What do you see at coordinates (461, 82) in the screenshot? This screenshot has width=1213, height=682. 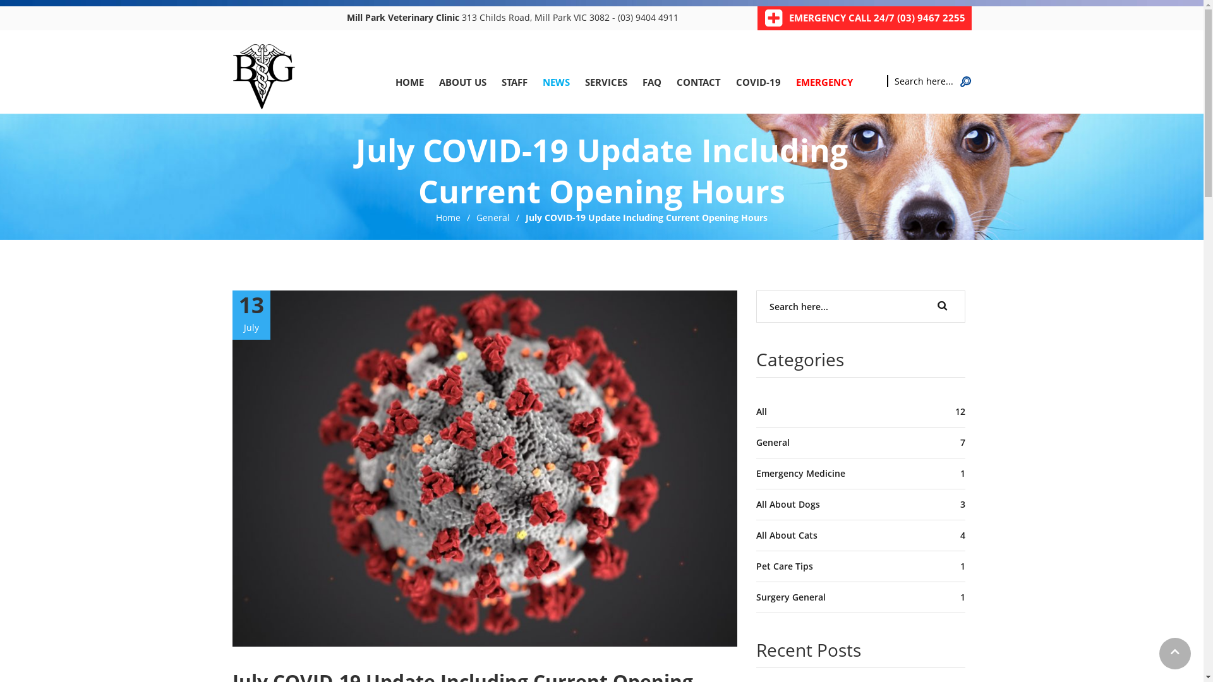 I see `'ABOUT US'` at bounding box center [461, 82].